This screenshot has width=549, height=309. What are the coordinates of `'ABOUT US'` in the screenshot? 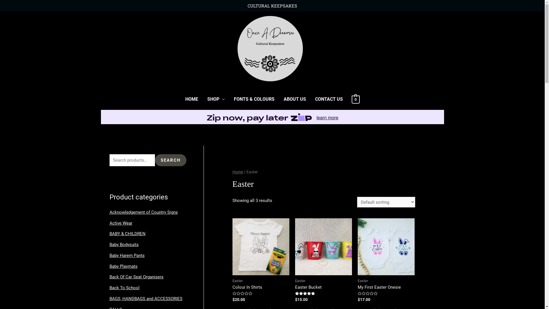 It's located at (279, 99).